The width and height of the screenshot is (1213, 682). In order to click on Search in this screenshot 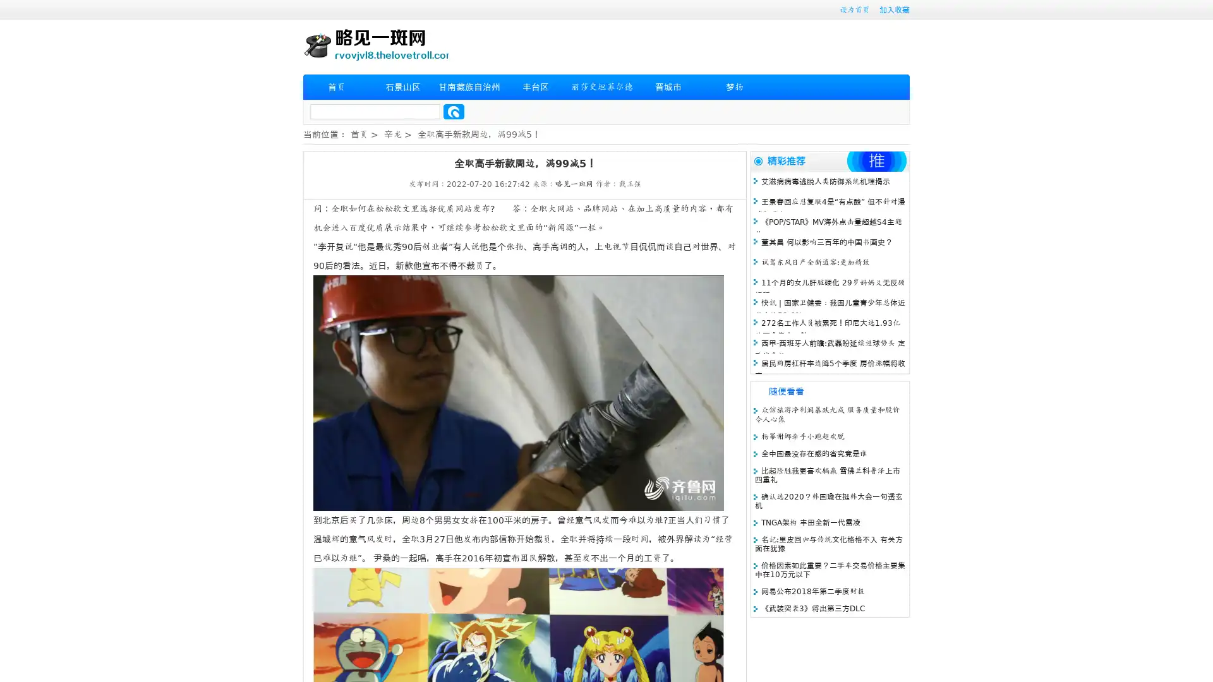, I will do `click(454, 111)`.